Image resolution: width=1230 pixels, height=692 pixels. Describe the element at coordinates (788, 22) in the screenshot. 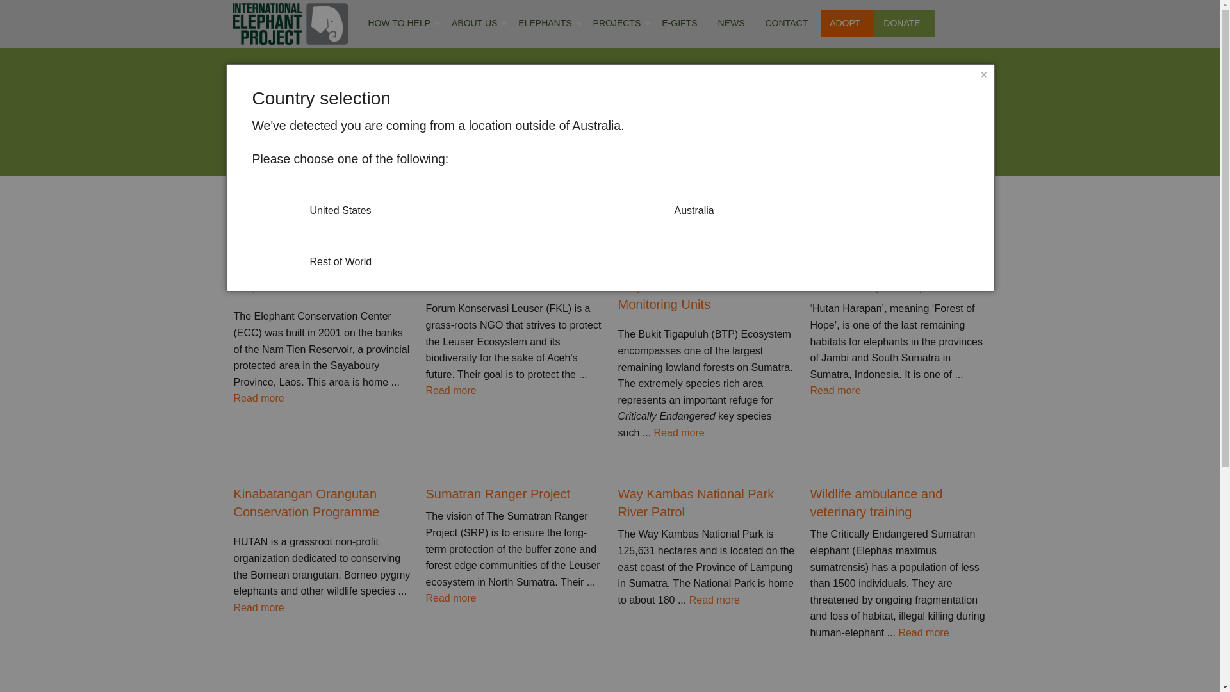

I see `'CONTACT'` at that location.